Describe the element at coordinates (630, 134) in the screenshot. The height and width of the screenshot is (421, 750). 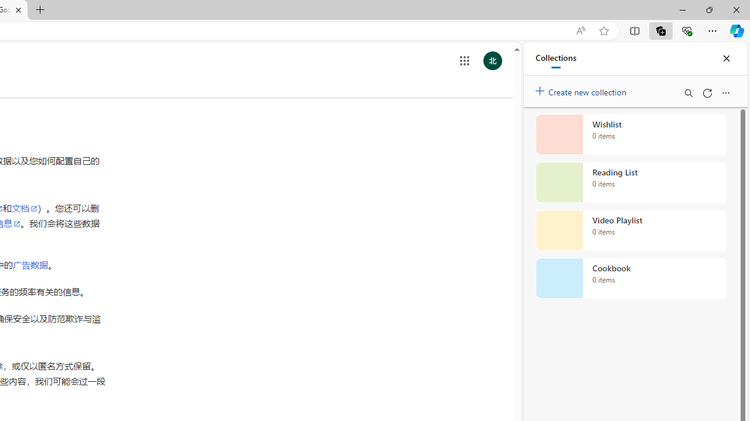
I see `'Wishlist collection, 0 items'` at that location.